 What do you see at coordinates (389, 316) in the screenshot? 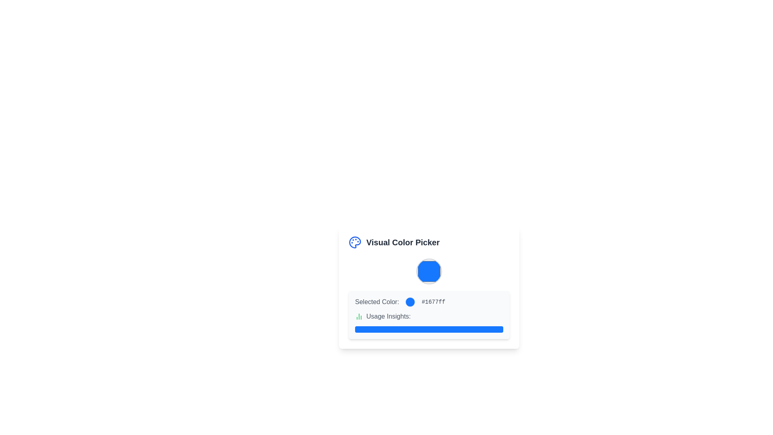
I see `the text label displaying 'Usage Insights:' located near the bottom section of the UI, to the right of the green bar chart icon` at bounding box center [389, 316].